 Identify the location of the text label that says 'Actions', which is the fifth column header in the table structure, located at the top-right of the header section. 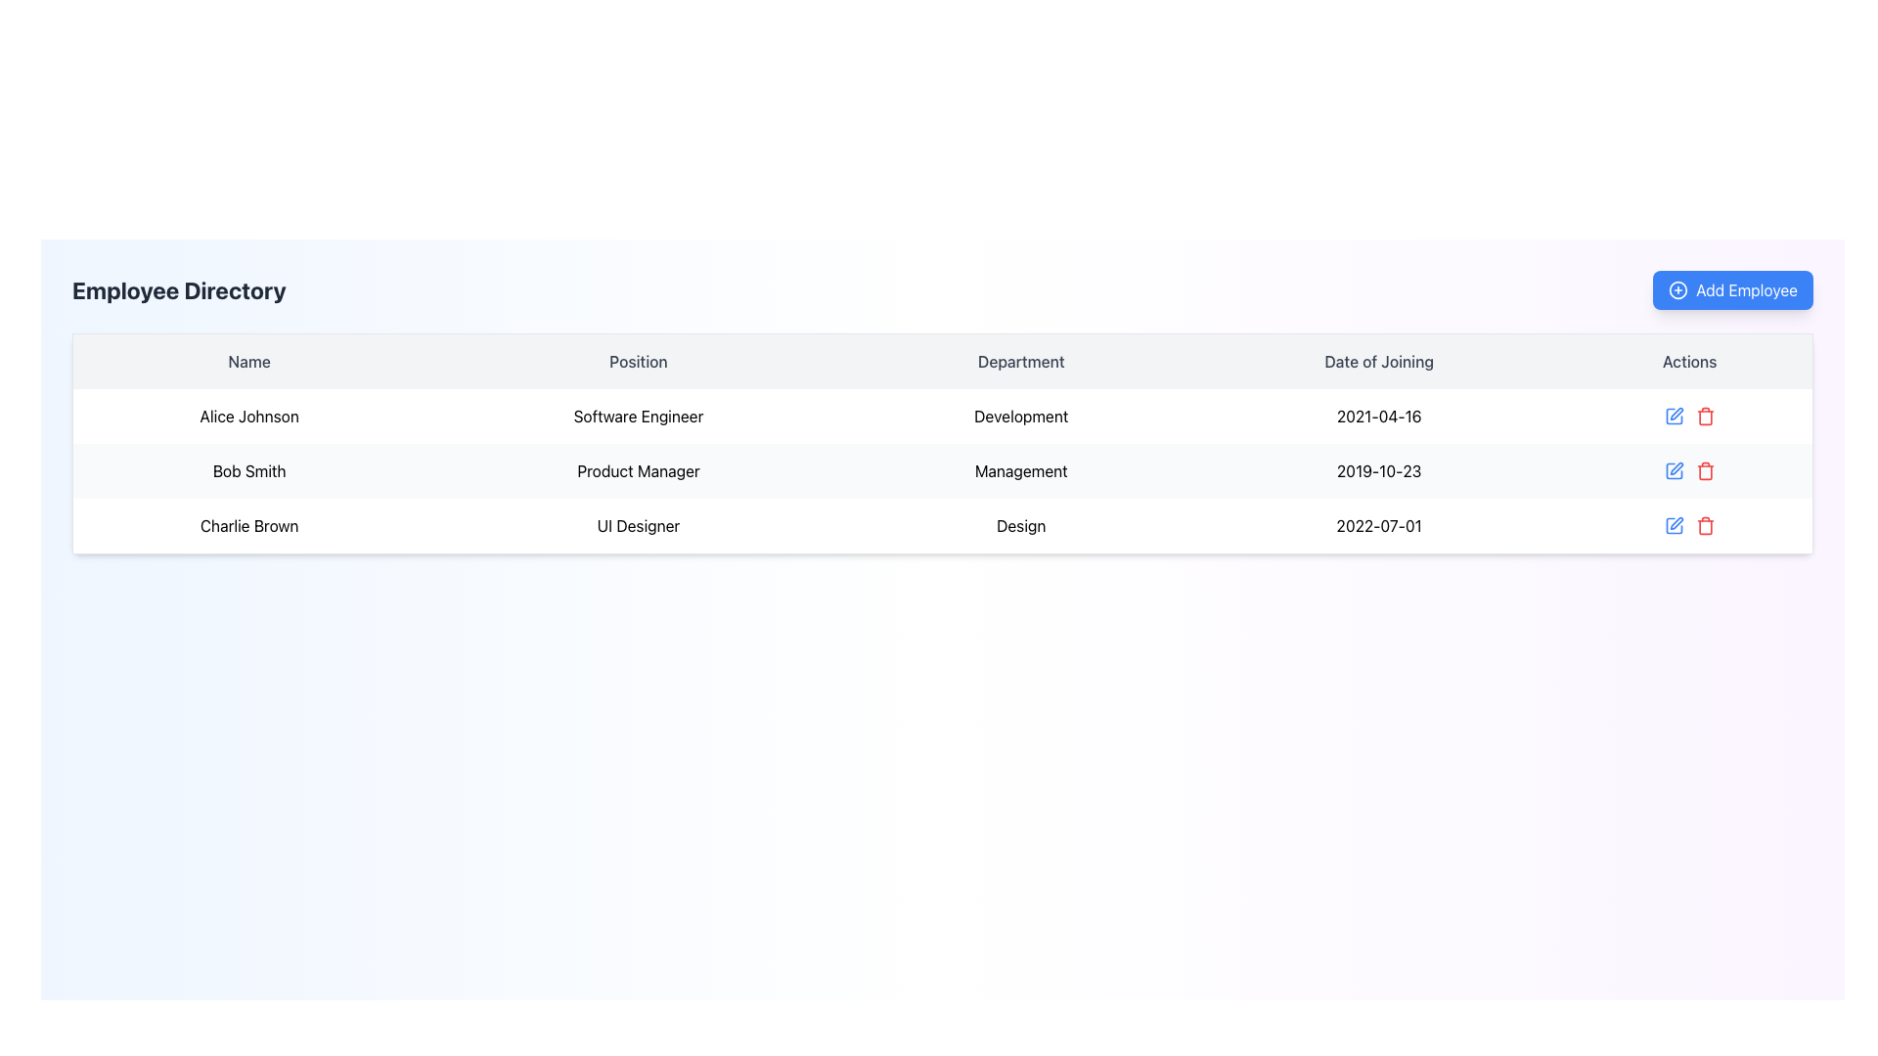
(1689, 361).